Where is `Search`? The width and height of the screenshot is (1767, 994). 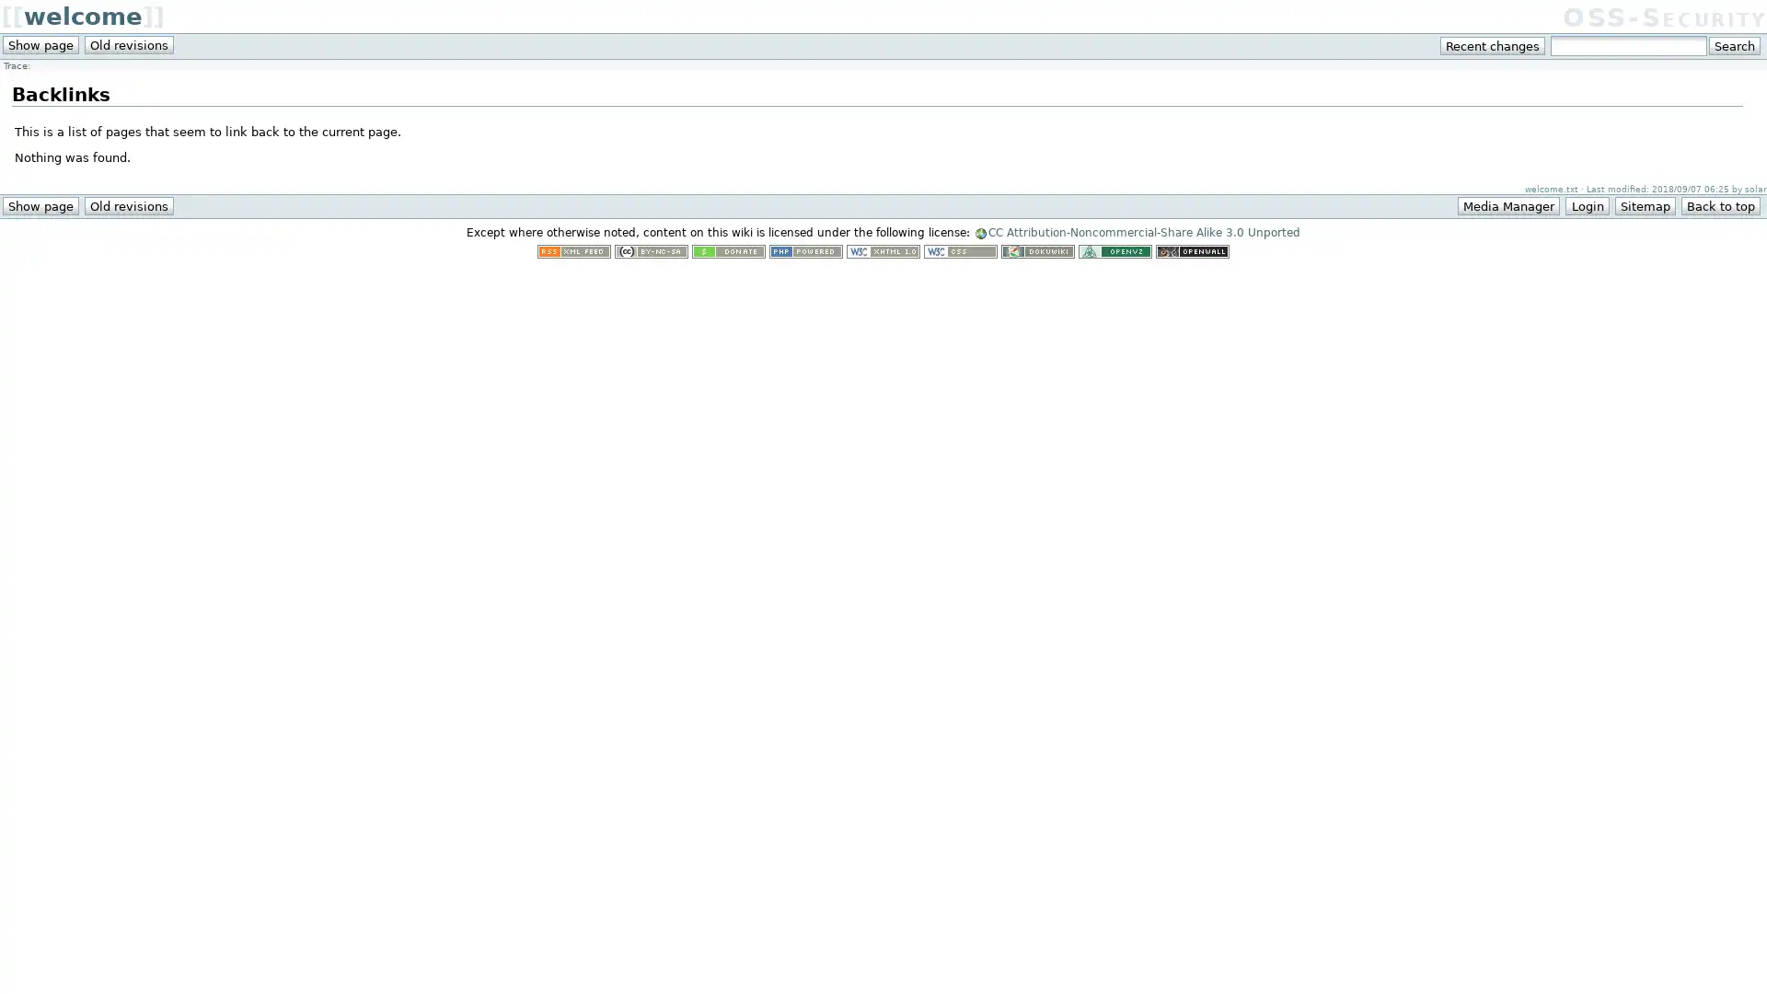 Search is located at coordinates (1733, 45).